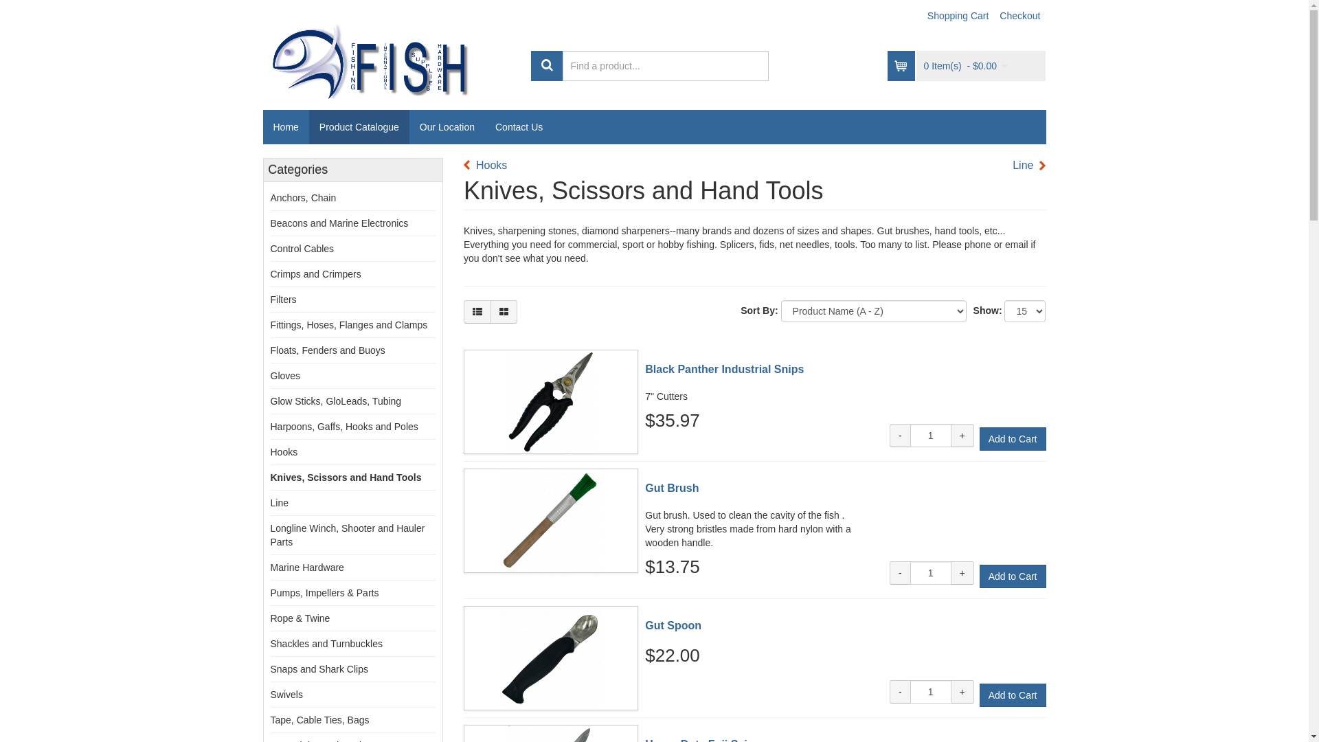  Describe the element at coordinates (348, 535) in the screenshot. I see `'Longline Winch, Shooter and Hauler Parts'` at that location.